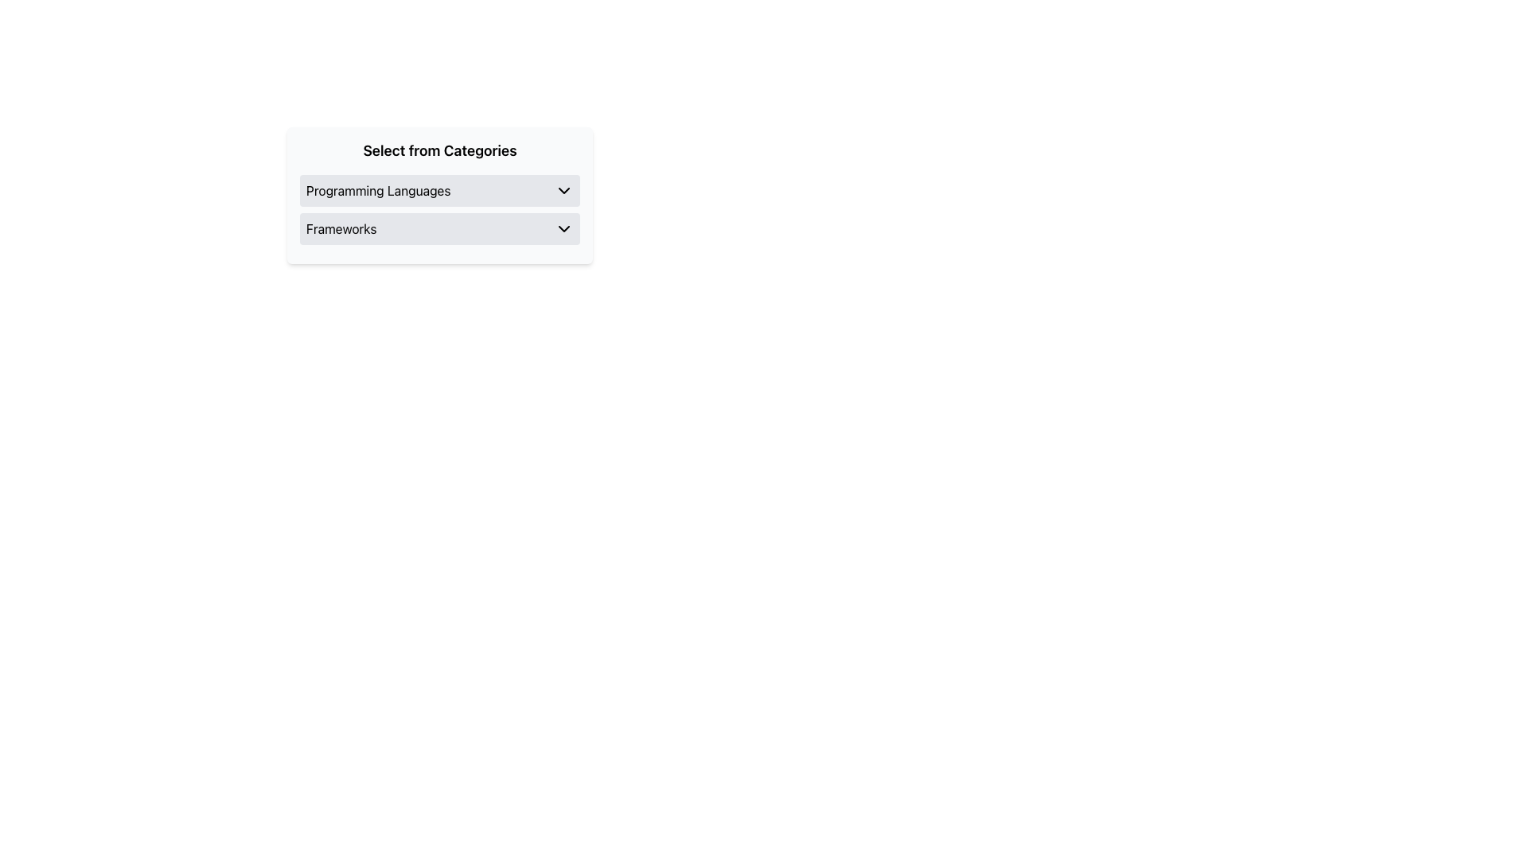 The height and width of the screenshot is (859, 1528). What do you see at coordinates (341, 229) in the screenshot?
I see `the 'Frameworks' text label in the dropdown menu, which is positioned below the 'Programming Languages' item and adjacent to a dropdown arrow icon` at bounding box center [341, 229].